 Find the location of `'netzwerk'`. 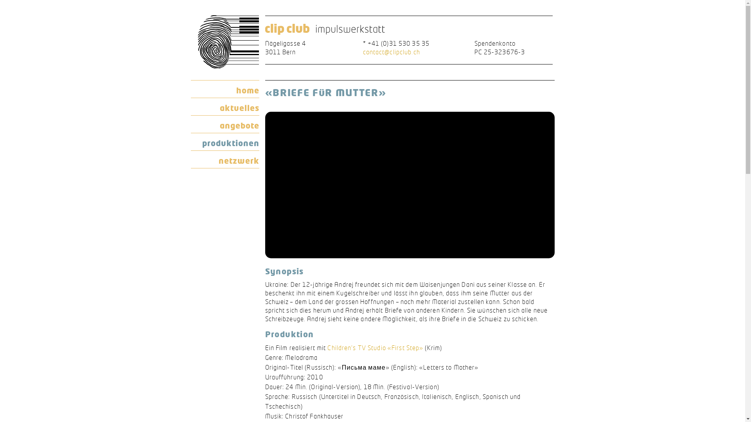

'netzwerk' is located at coordinates (225, 159).